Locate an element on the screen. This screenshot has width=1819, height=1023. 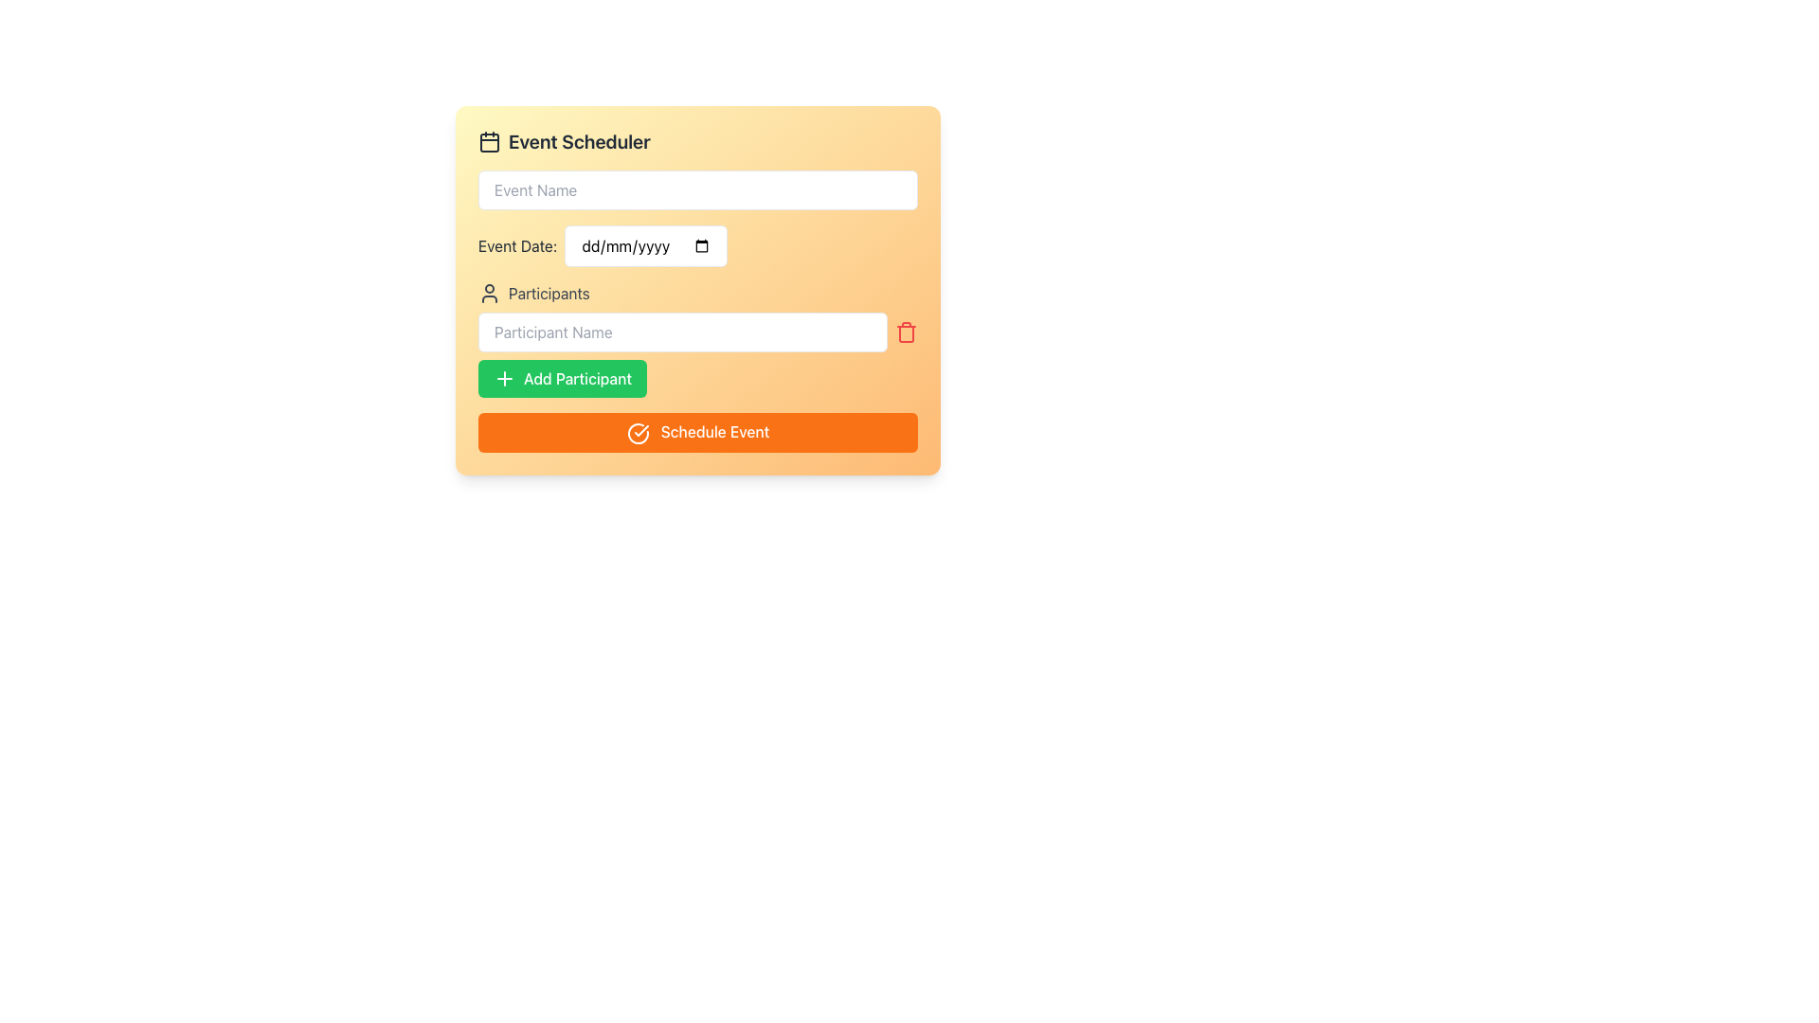
the calendar icon in the Date Picker Input Field labeled 'Event Date:' is located at coordinates (697, 244).